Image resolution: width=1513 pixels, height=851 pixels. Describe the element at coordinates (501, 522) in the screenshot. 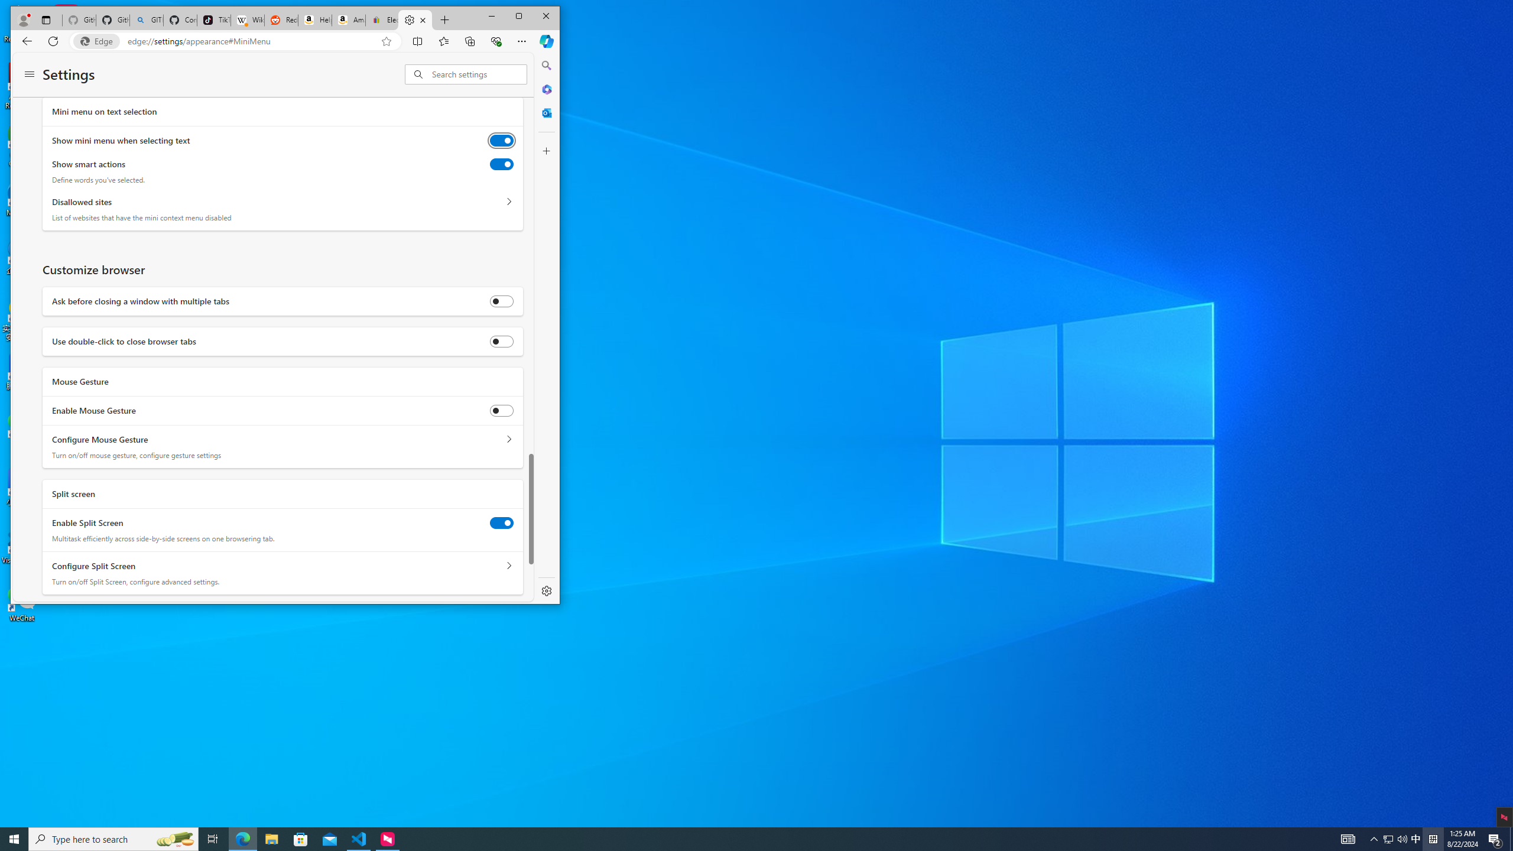

I see `'Enable Split Screen'` at that location.